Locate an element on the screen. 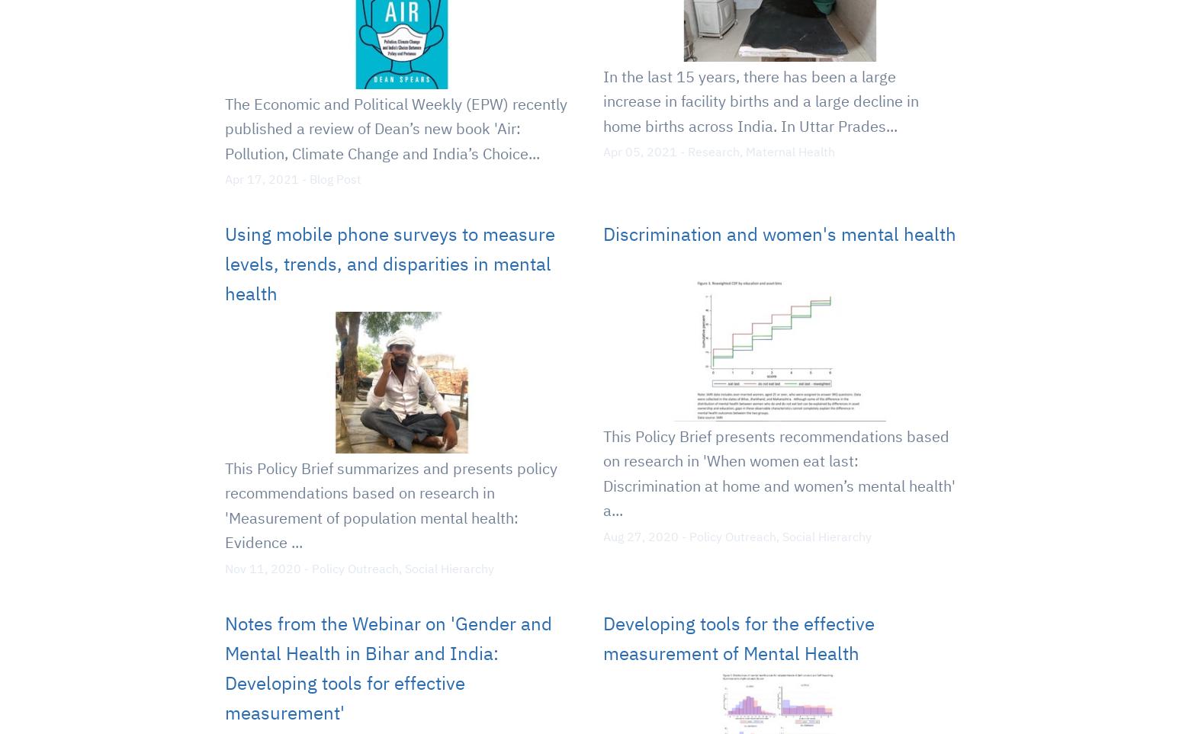  'Nov 11, 2020' is located at coordinates (262, 566).